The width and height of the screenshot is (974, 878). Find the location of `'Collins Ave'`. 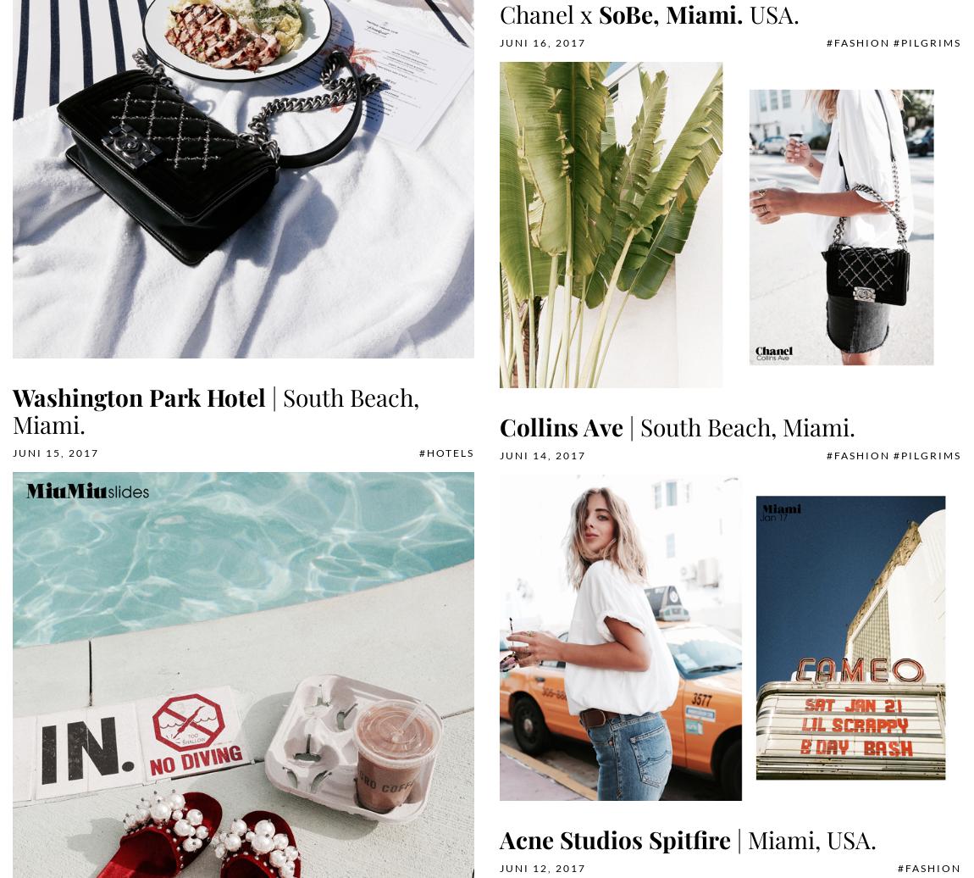

'Collins Ave' is located at coordinates (560, 426).